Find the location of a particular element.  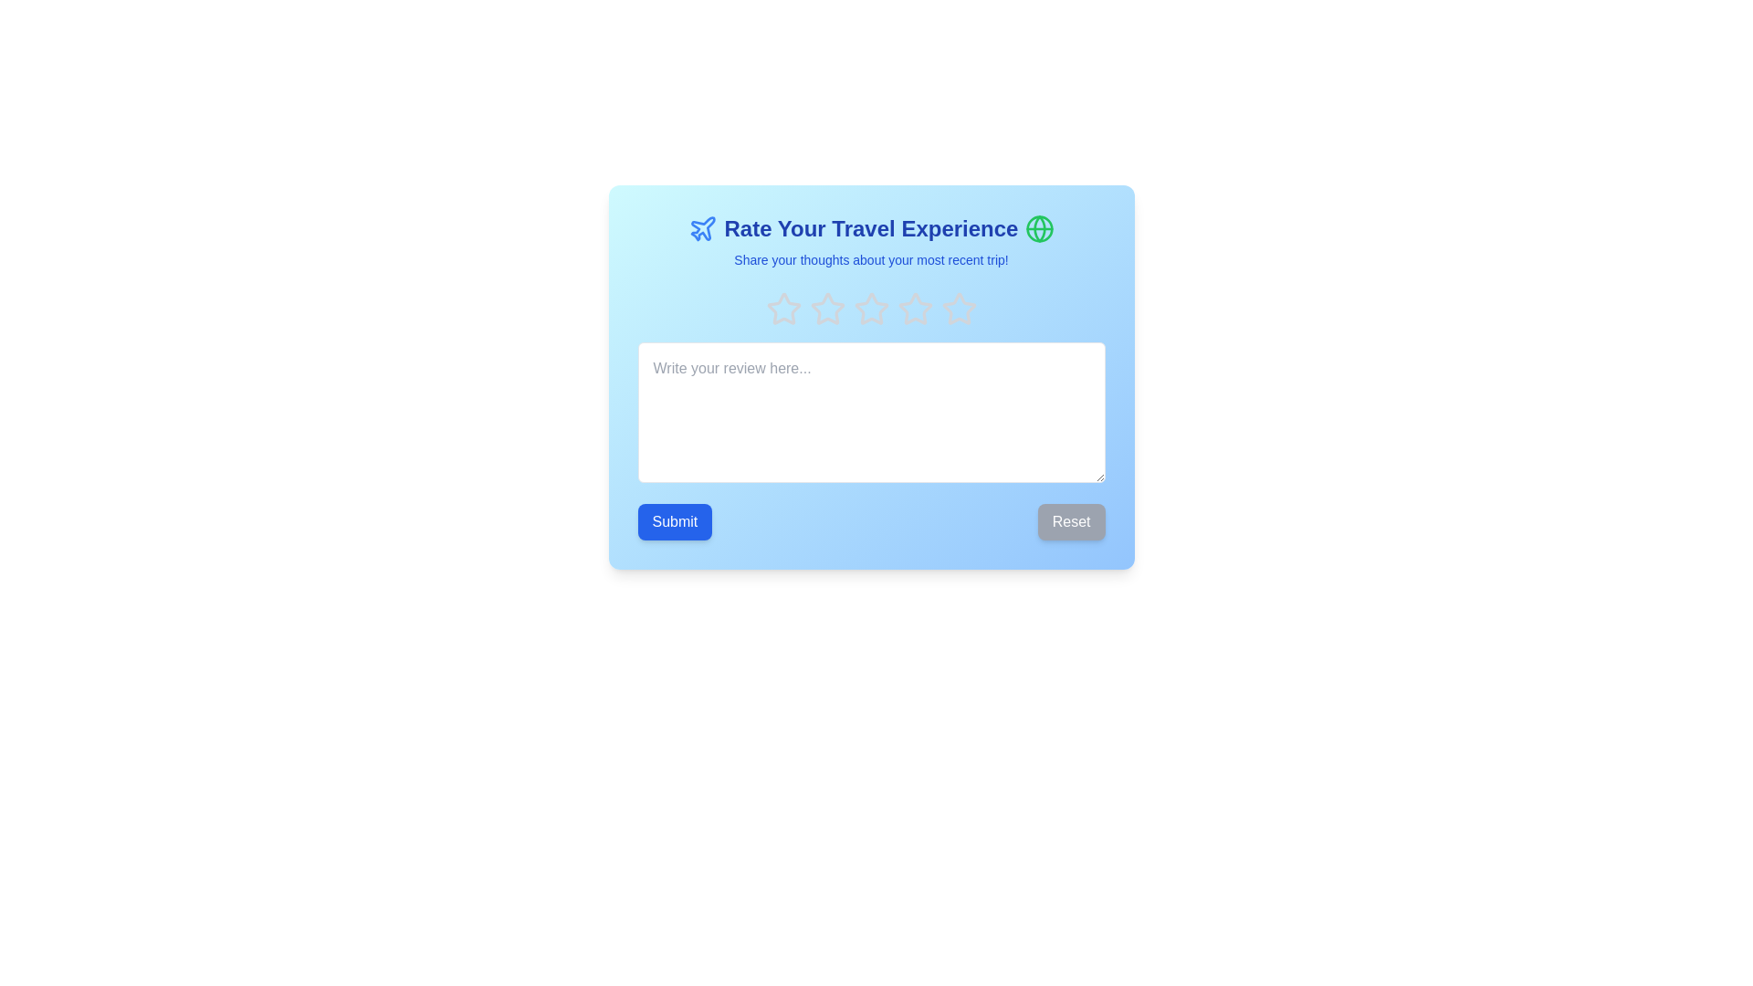

the fourth star icon in the rating system, which is part of a horizontal row of five stars located in the panel header above the text input area is located at coordinates (915, 309).